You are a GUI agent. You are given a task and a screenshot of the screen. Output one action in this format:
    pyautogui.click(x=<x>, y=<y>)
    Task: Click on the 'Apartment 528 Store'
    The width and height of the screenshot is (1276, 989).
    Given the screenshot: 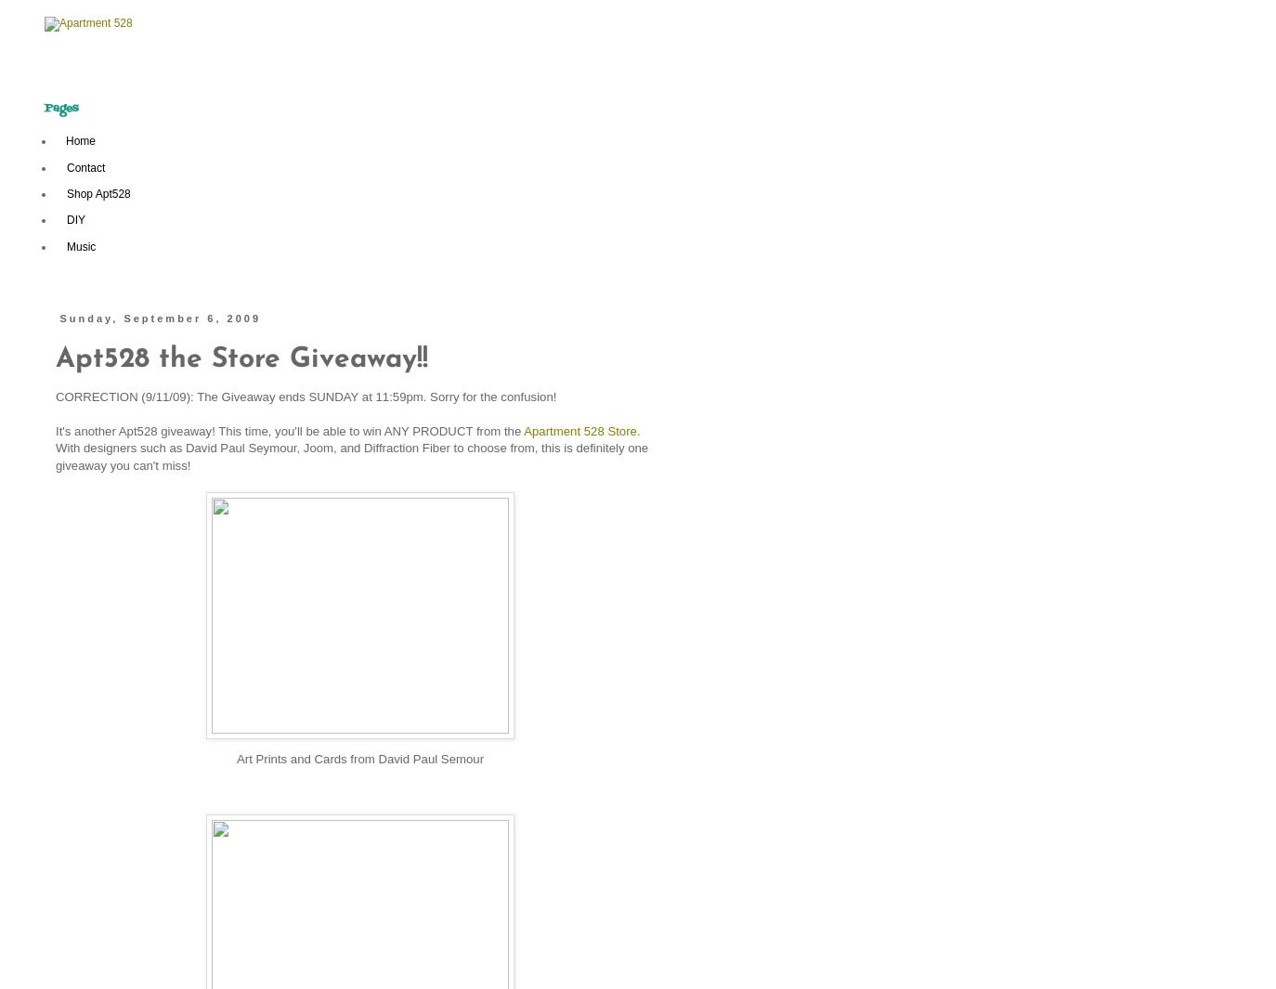 What is the action you would take?
    pyautogui.click(x=579, y=429)
    